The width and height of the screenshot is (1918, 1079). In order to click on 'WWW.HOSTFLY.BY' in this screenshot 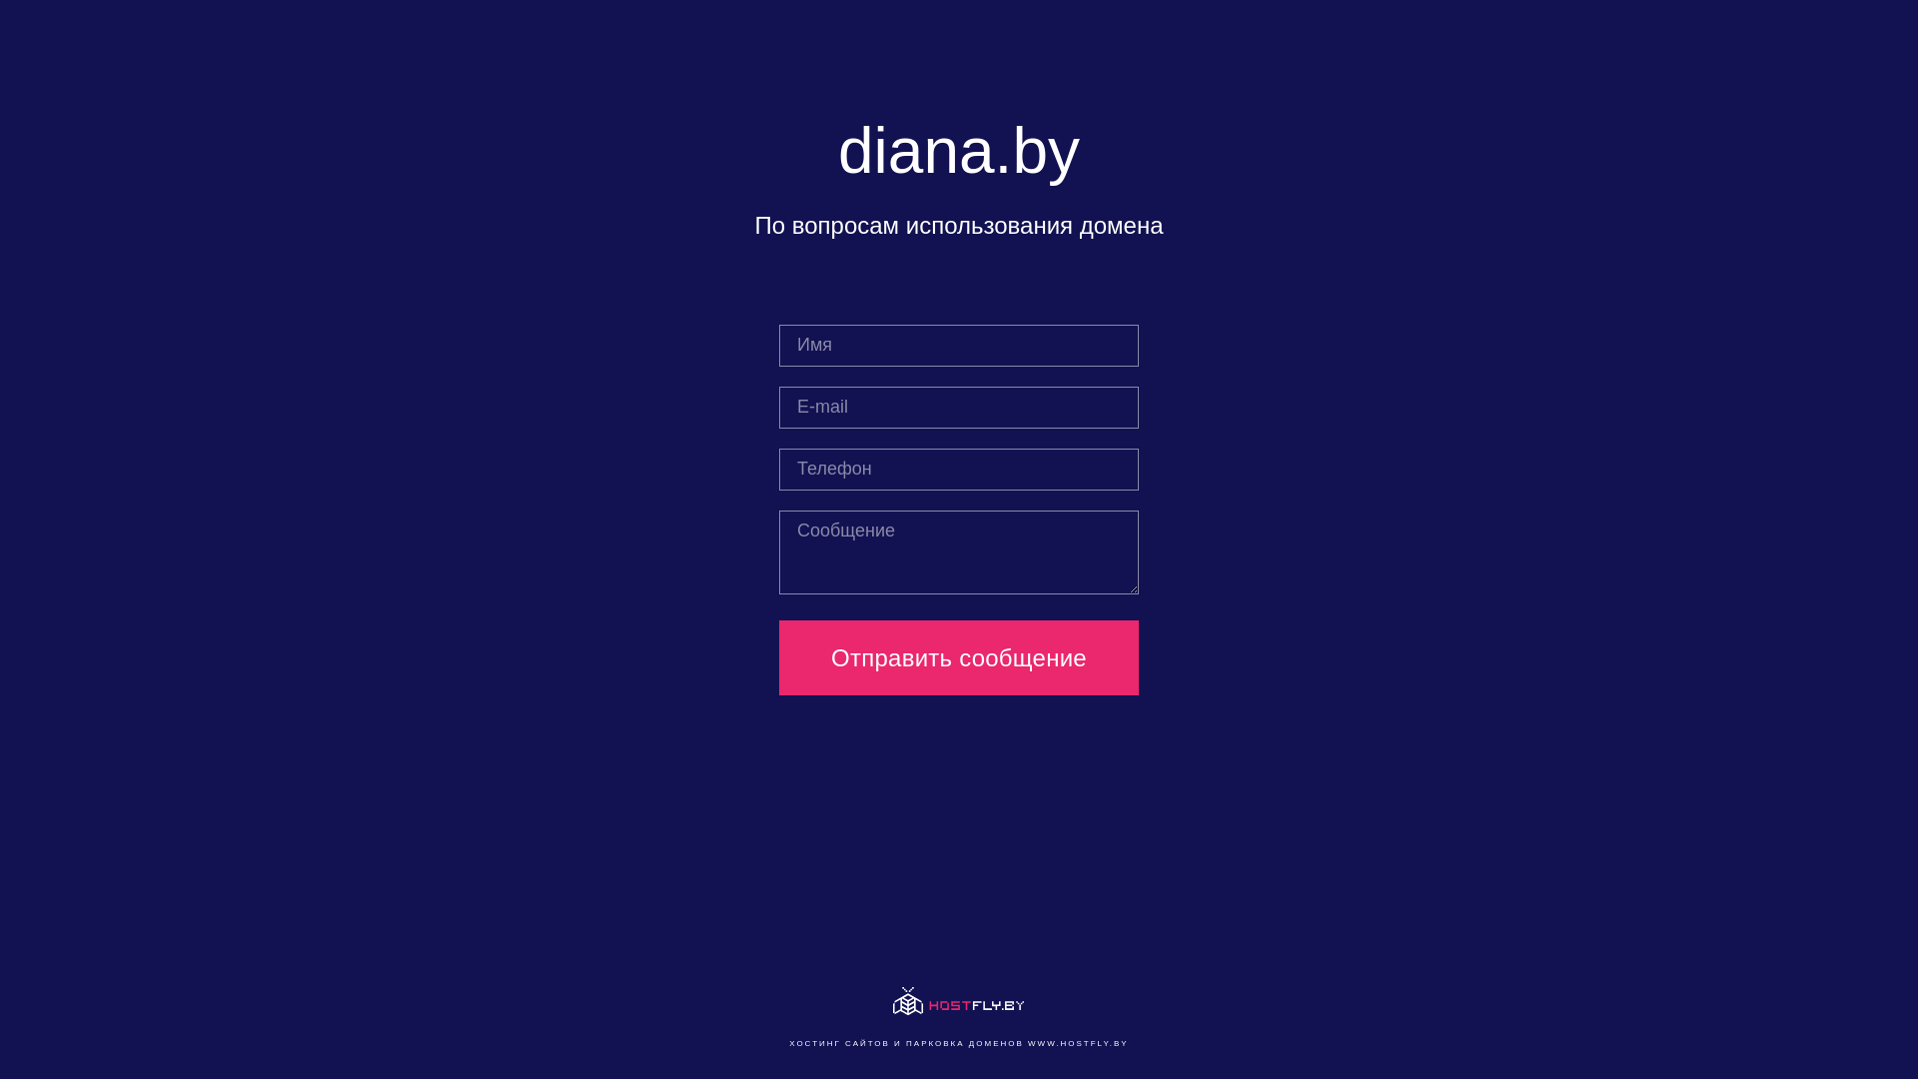, I will do `click(1077, 1042)`.